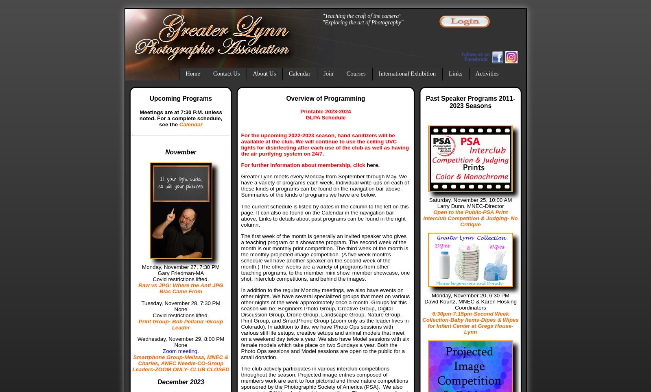 The width and height of the screenshot is (651, 392). I want to click on 'Open to the Public-PSA Print Interclub Competition & Judging- No Critique', so click(470, 217).